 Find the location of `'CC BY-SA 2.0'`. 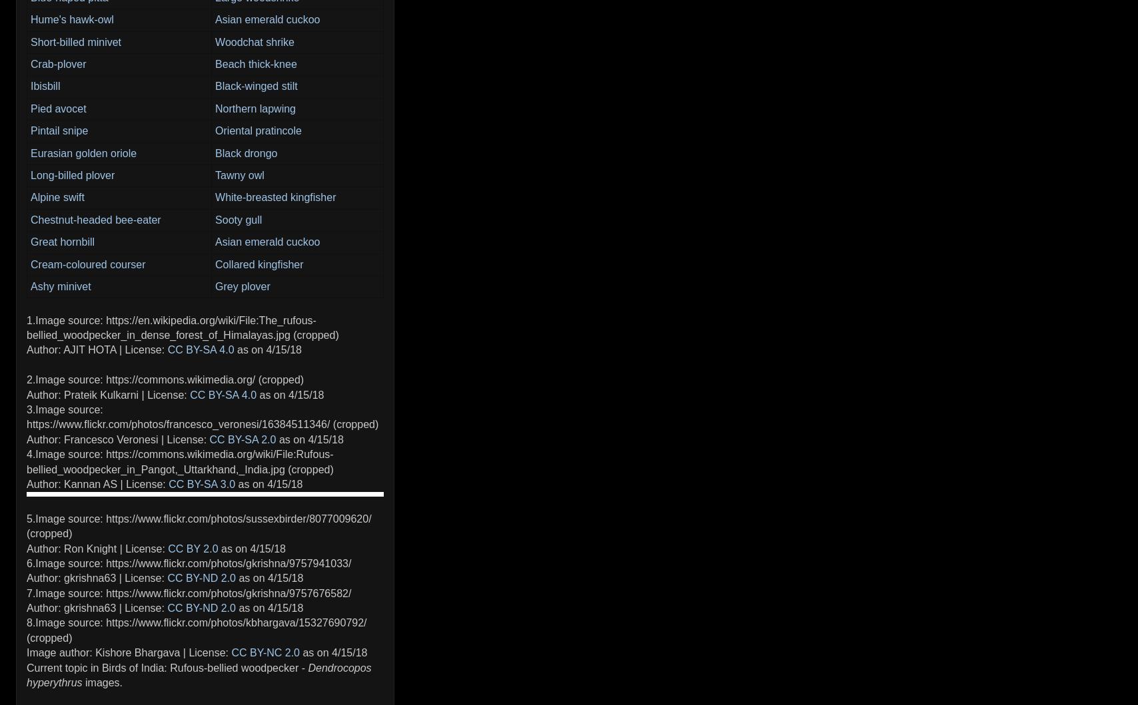

'CC BY-SA 2.0' is located at coordinates (209, 439).